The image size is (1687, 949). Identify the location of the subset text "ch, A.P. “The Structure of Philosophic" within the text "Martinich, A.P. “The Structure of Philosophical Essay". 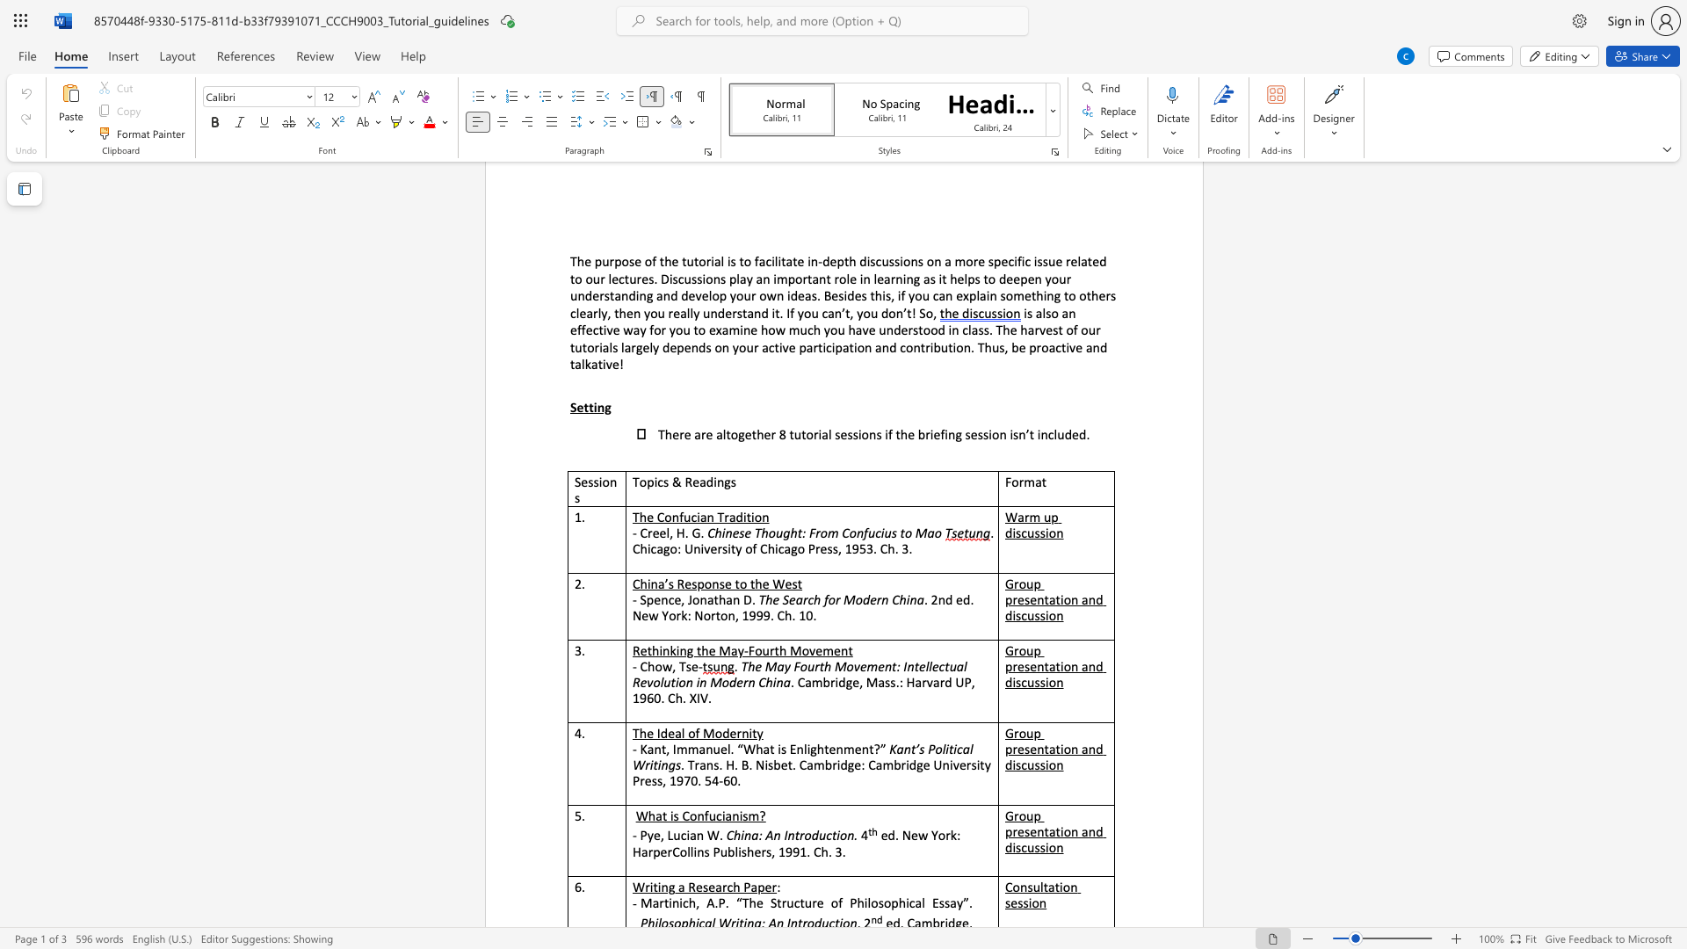
(682, 902).